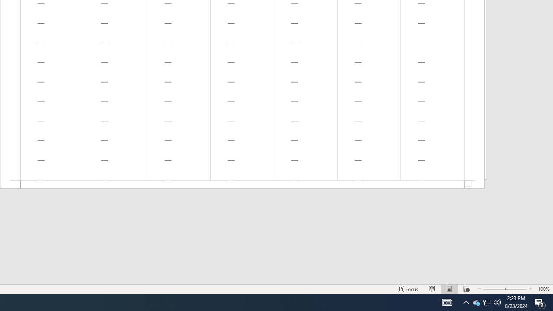 The width and height of the screenshot is (553, 311). What do you see at coordinates (407, 289) in the screenshot?
I see `'Focus '` at bounding box center [407, 289].